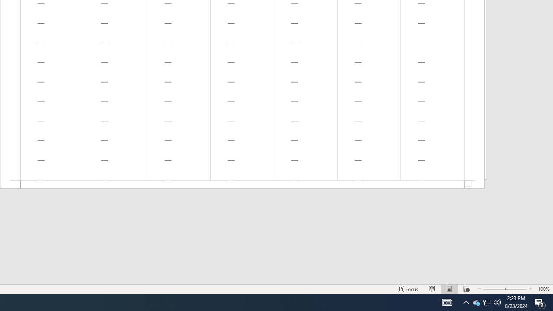 The width and height of the screenshot is (553, 311). What do you see at coordinates (407, 289) in the screenshot?
I see `'Focus '` at bounding box center [407, 289].